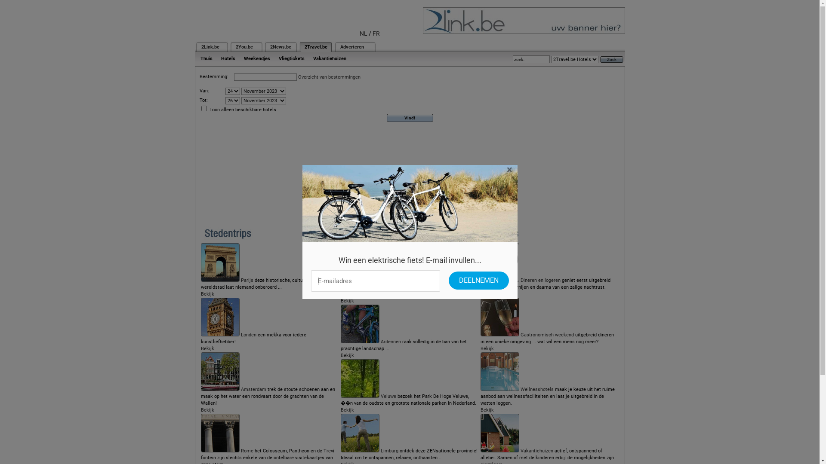 The image size is (826, 464). I want to click on 'Vliegtickets', so click(291, 58).